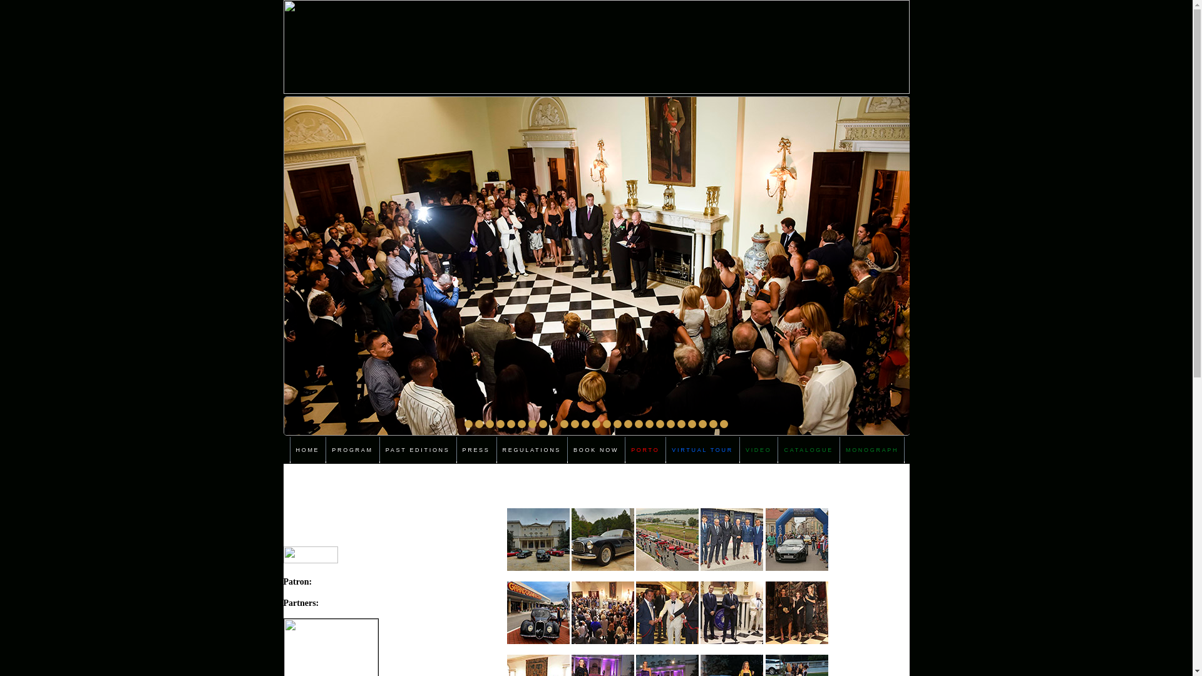 The width and height of the screenshot is (1202, 676). I want to click on 'CATALOGUE', so click(808, 449).